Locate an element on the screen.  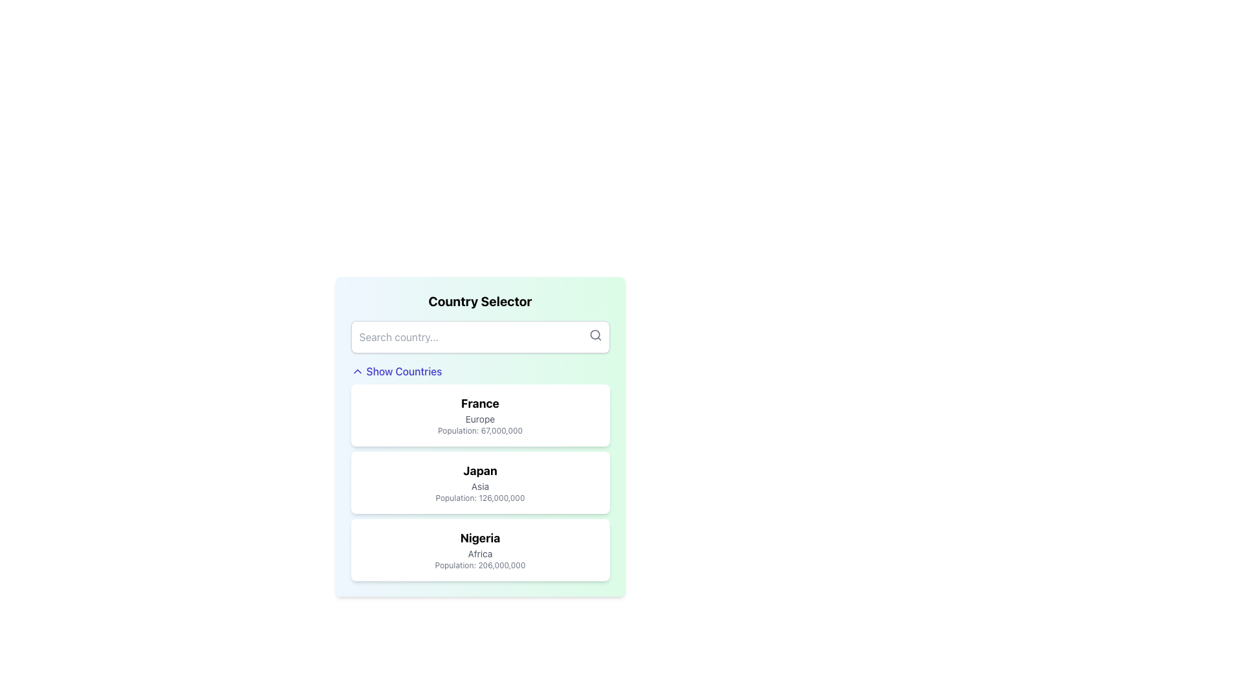
the text label displaying 'Population: 67,000,000' in a small gray font located at the bottom of the card for France is located at coordinates (479, 431).